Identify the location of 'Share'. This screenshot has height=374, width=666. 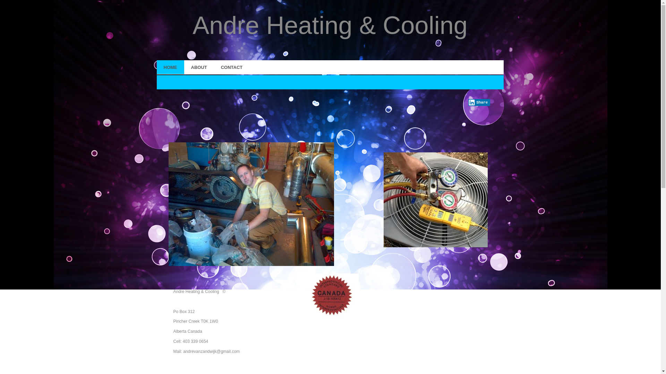
(479, 103).